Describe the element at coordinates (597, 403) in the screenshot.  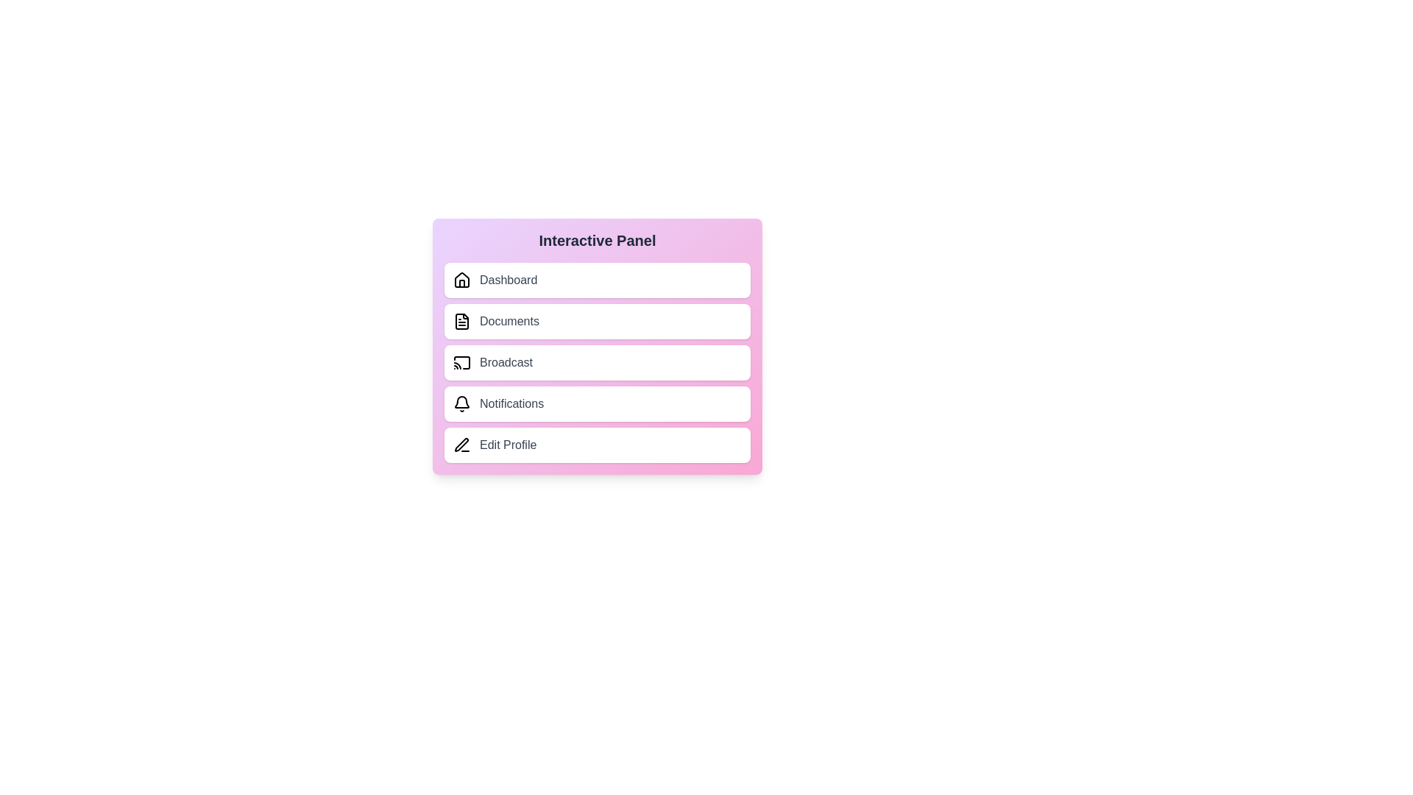
I see `the list item labeled Notifications` at that location.